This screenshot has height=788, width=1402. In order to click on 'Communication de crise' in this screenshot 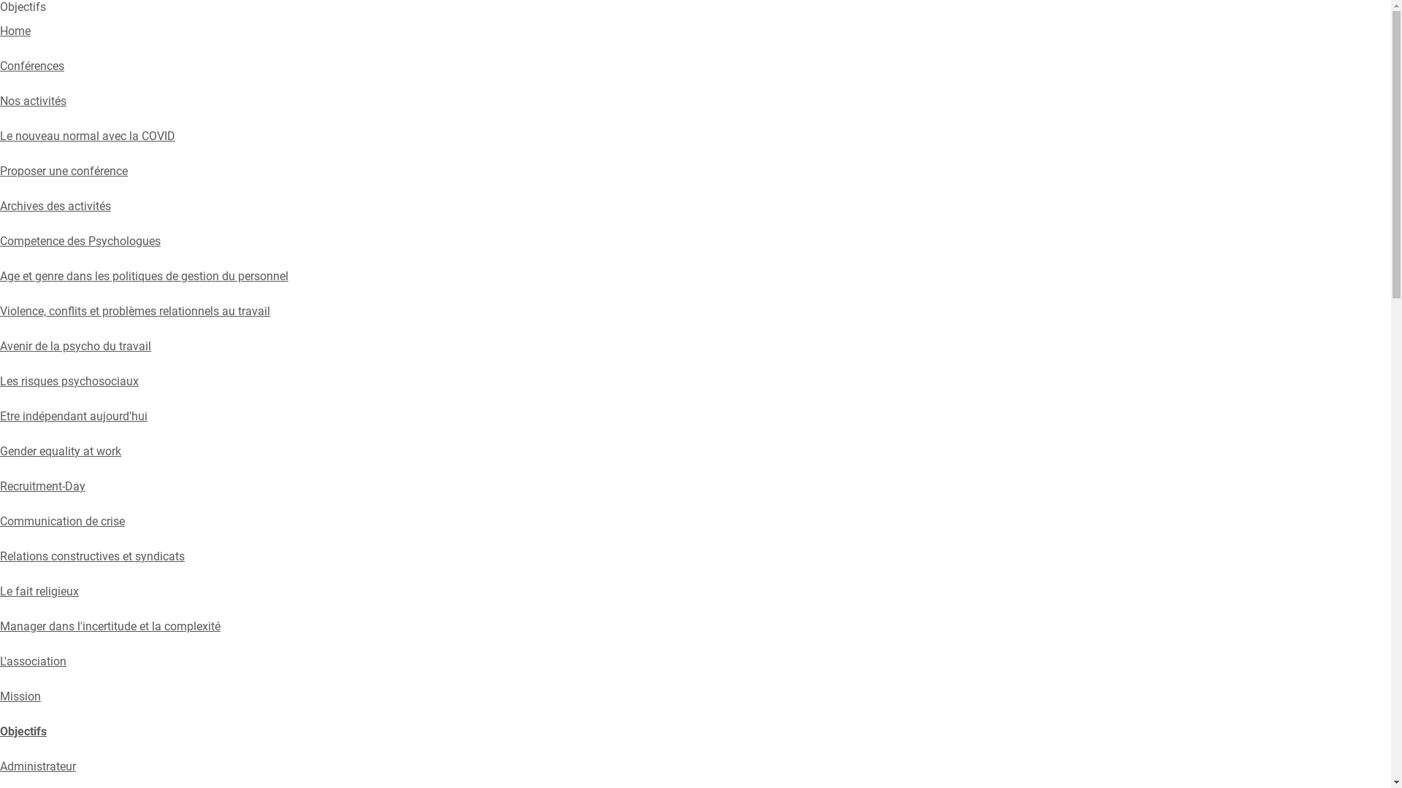, I will do `click(0, 520)`.